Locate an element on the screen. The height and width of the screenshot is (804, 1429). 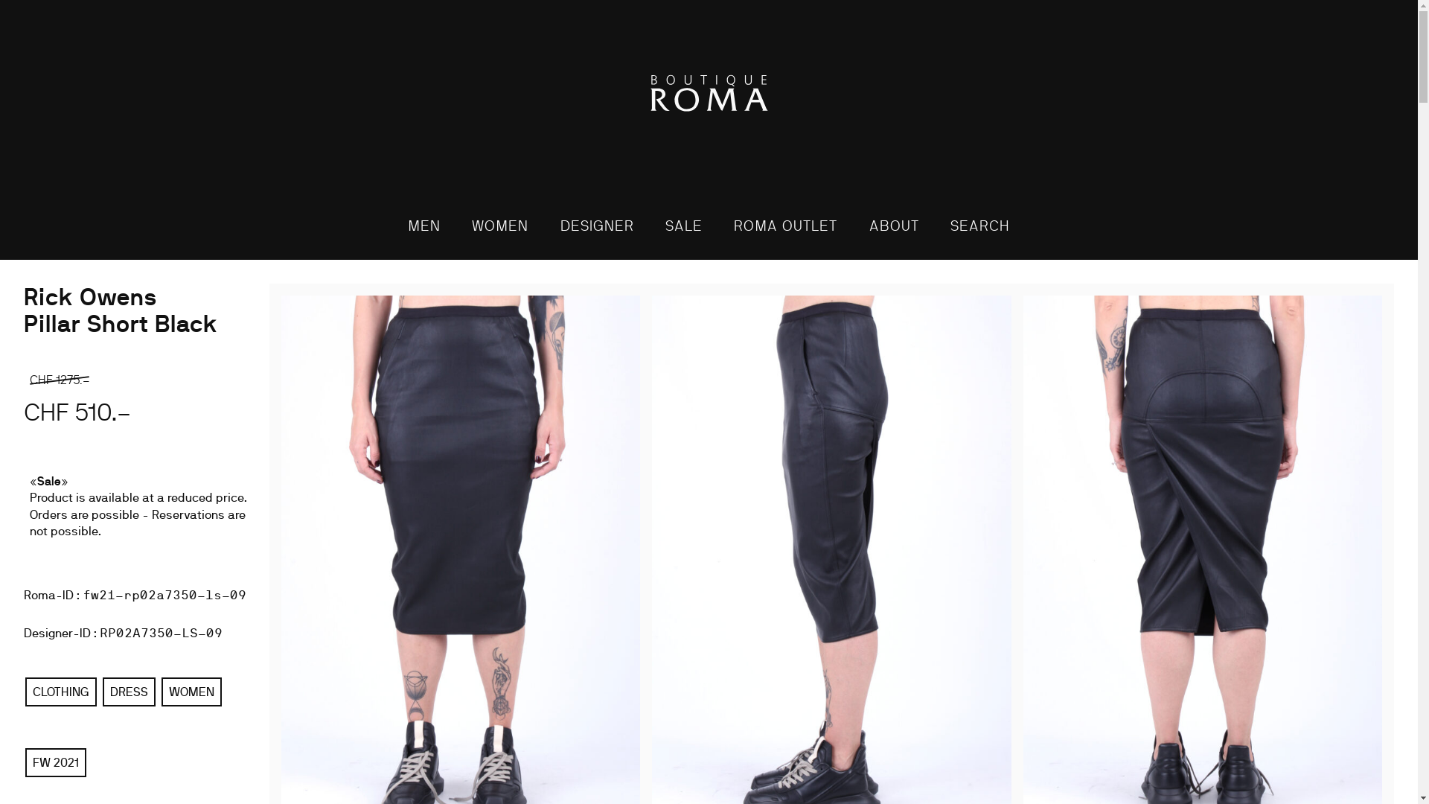
'FW 2021' is located at coordinates (56, 762).